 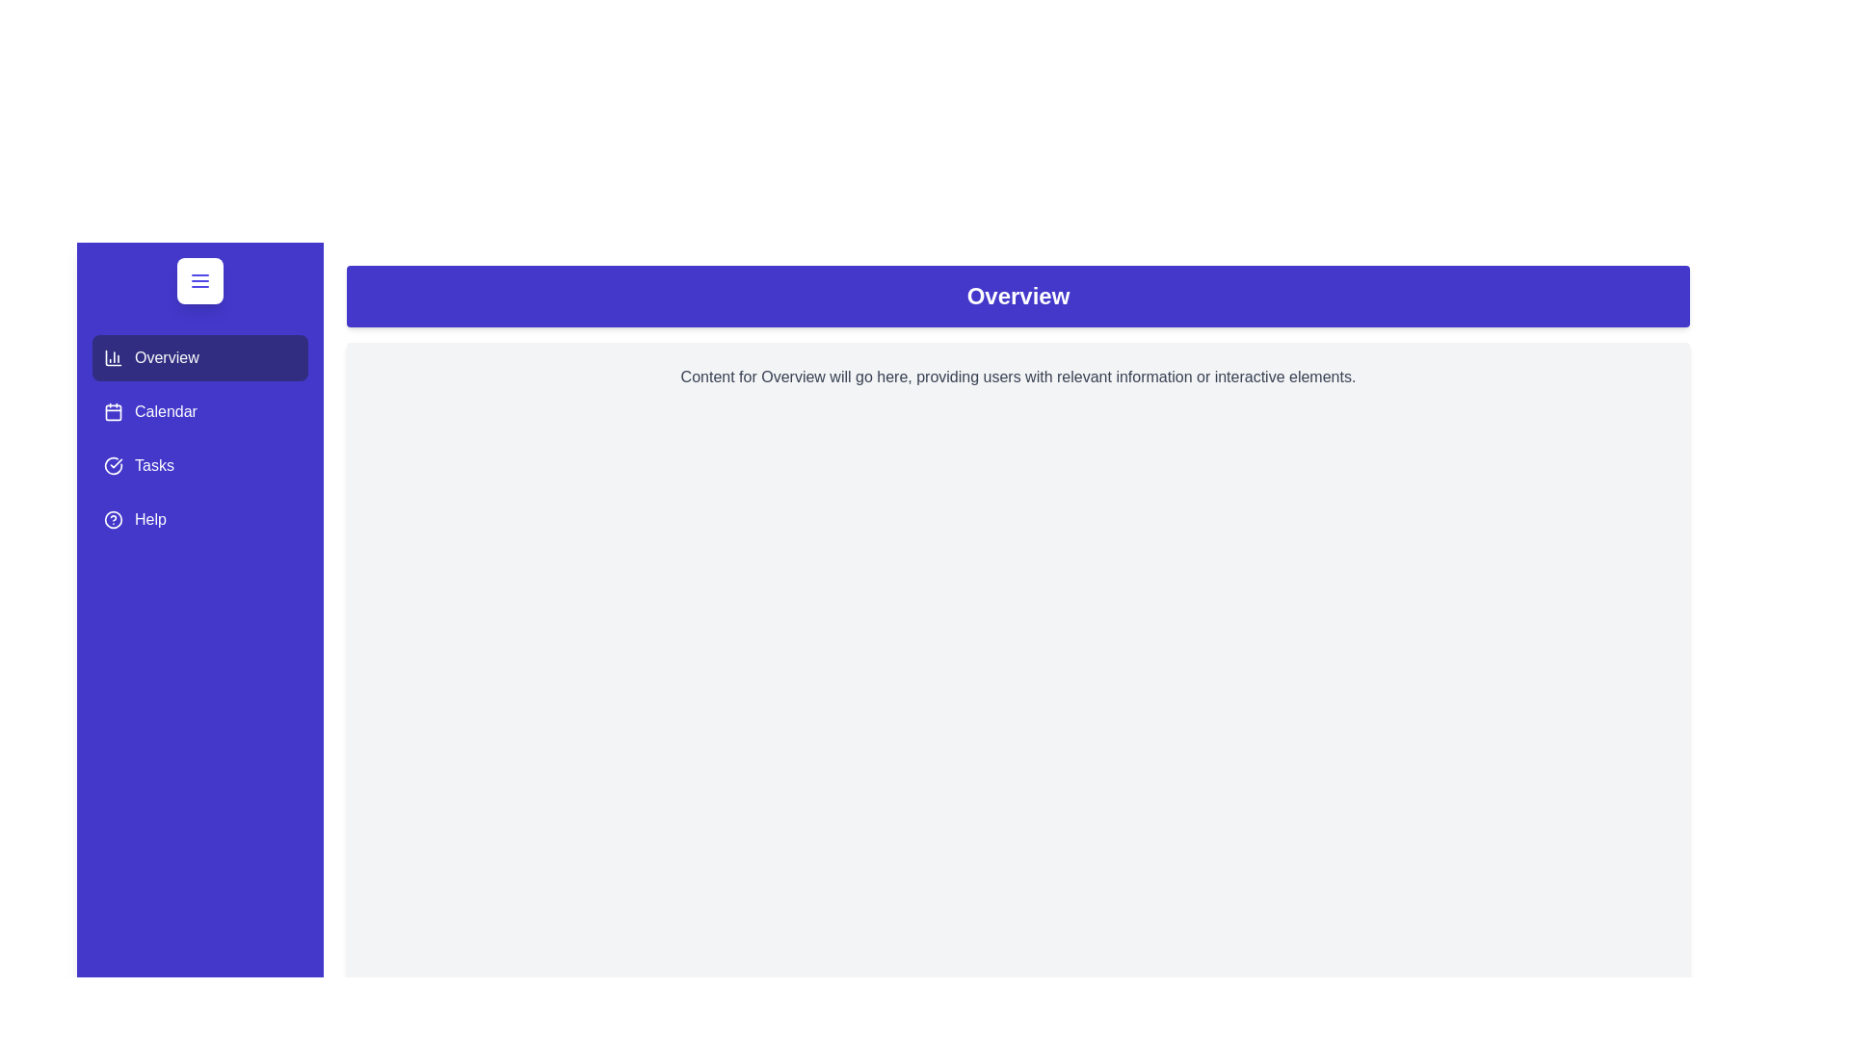 I want to click on the Calendar tab, so click(x=199, y=411).